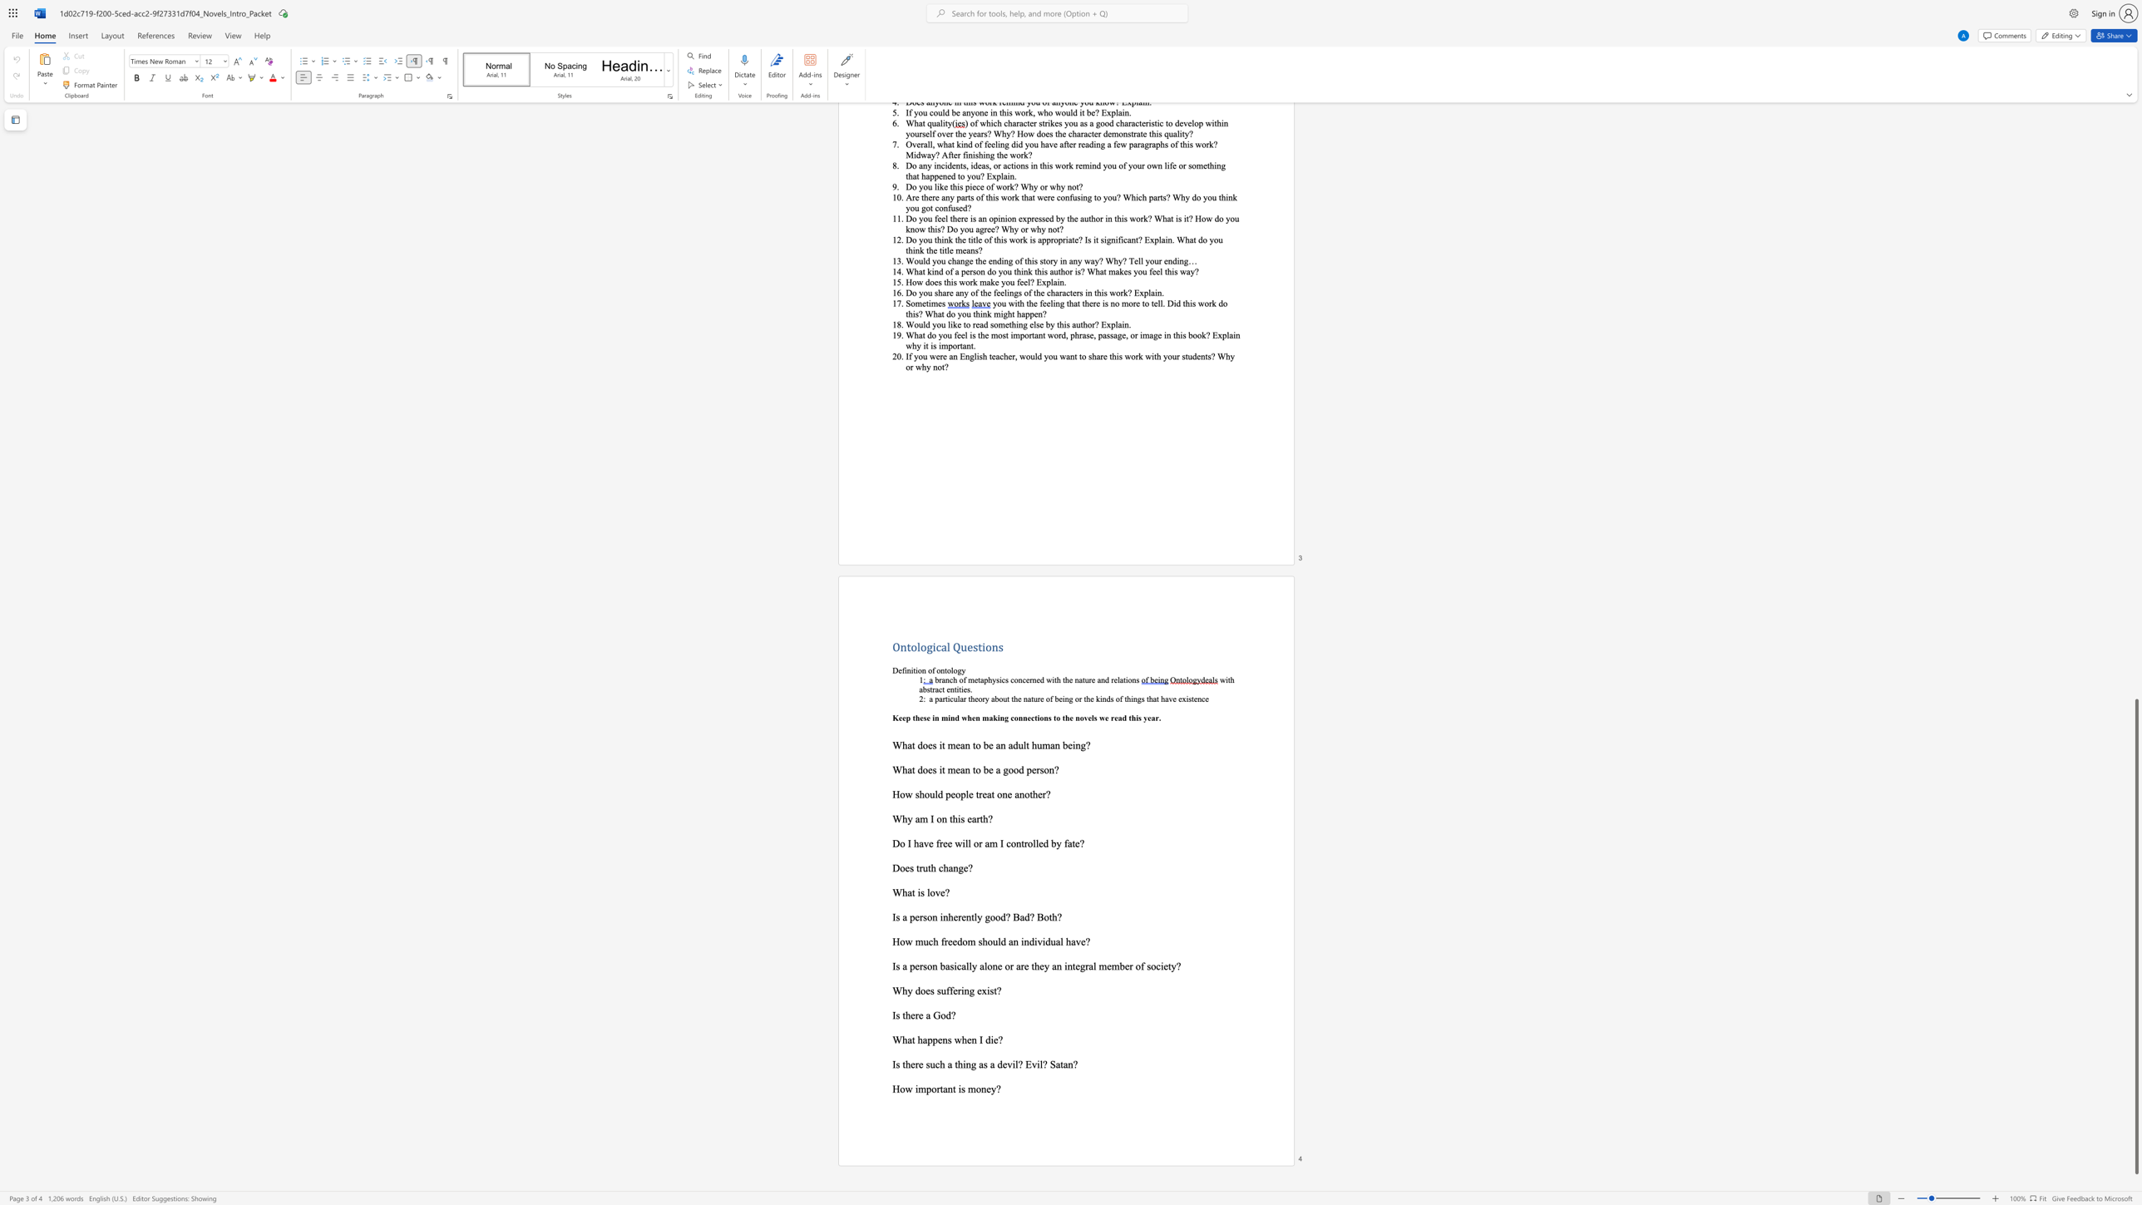  I want to click on the 3th character "l" in the text, so click(985, 966).